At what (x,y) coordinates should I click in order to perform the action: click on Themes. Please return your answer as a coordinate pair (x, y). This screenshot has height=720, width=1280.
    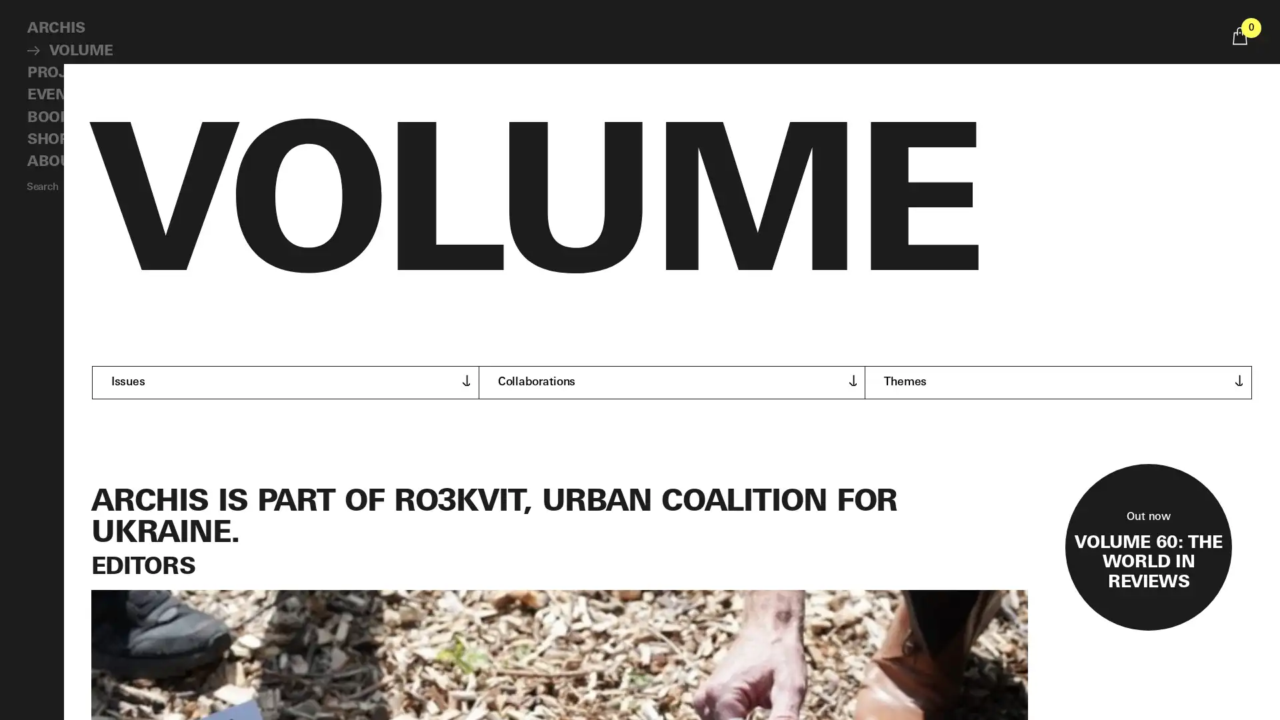
    Looking at the image, I should click on (905, 382).